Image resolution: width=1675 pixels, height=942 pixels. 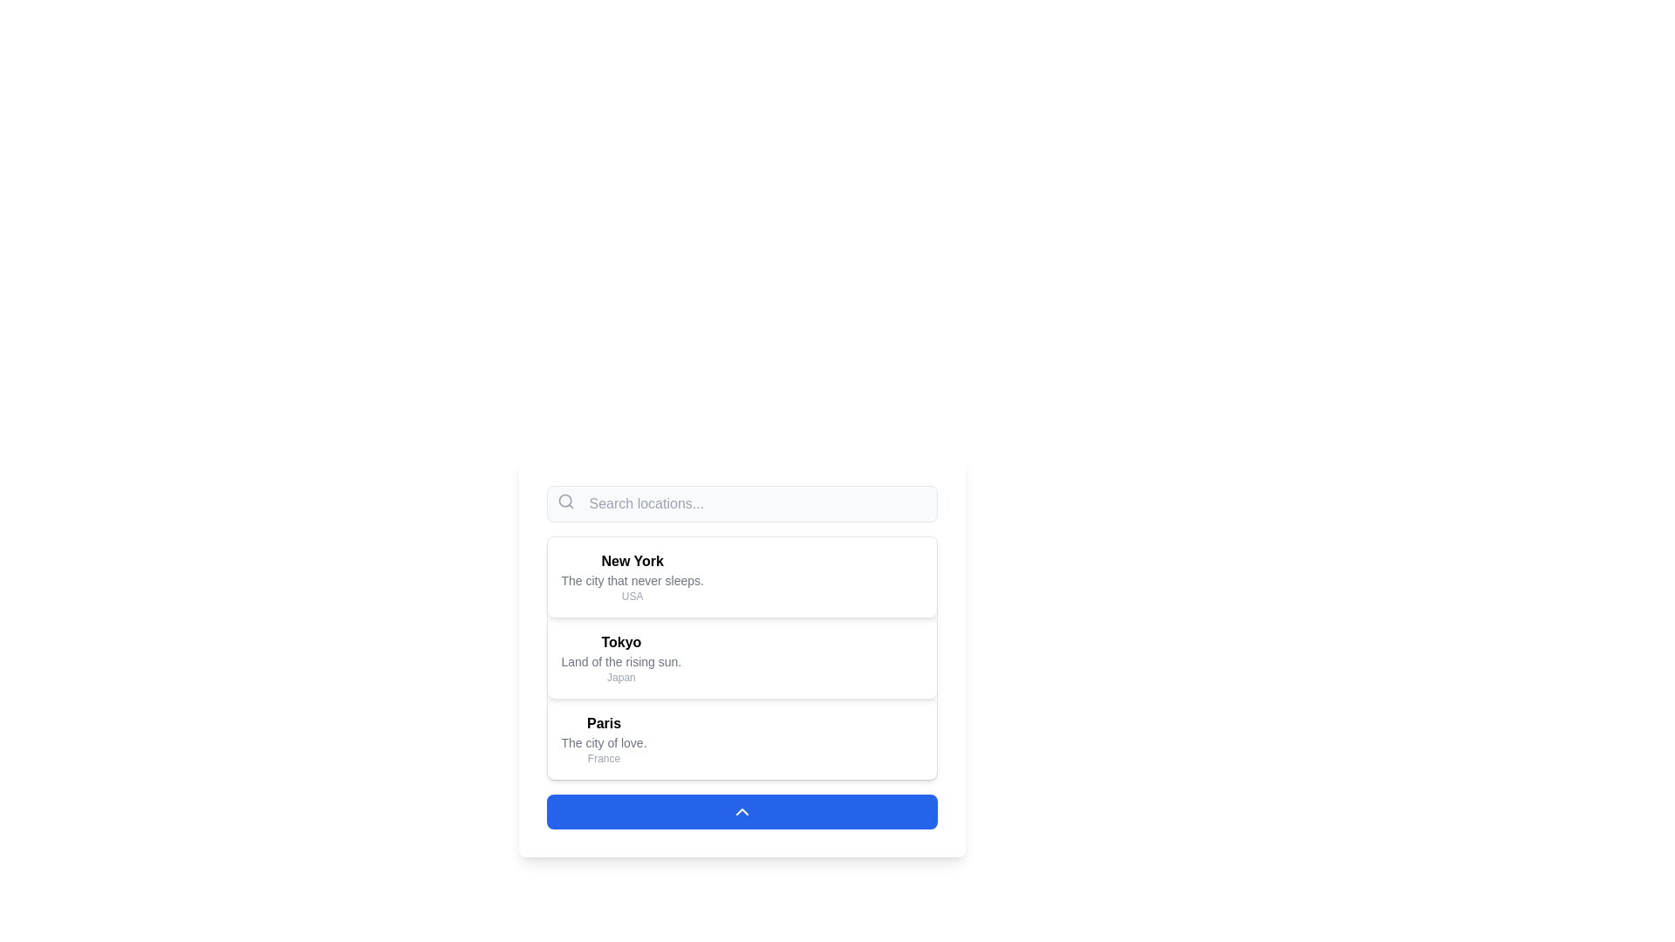 I want to click on the first list item containing the text 'New York', which includes bold title text and descriptive text, located beneath the search bar, so click(x=632, y=577).